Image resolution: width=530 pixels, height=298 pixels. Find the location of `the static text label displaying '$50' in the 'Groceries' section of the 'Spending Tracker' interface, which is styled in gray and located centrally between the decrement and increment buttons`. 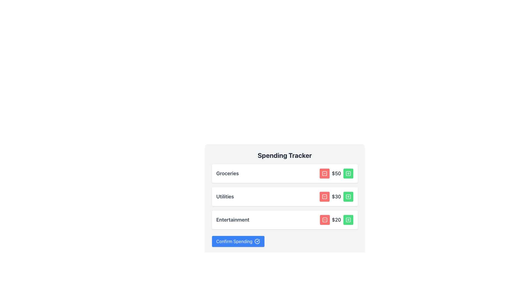

the static text label displaying '$50' in the 'Groceries' section of the 'Spending Tracker' interface, which is styled in gray and located centrally between the decrement and increment buttons is located at coordinates (336, 173).